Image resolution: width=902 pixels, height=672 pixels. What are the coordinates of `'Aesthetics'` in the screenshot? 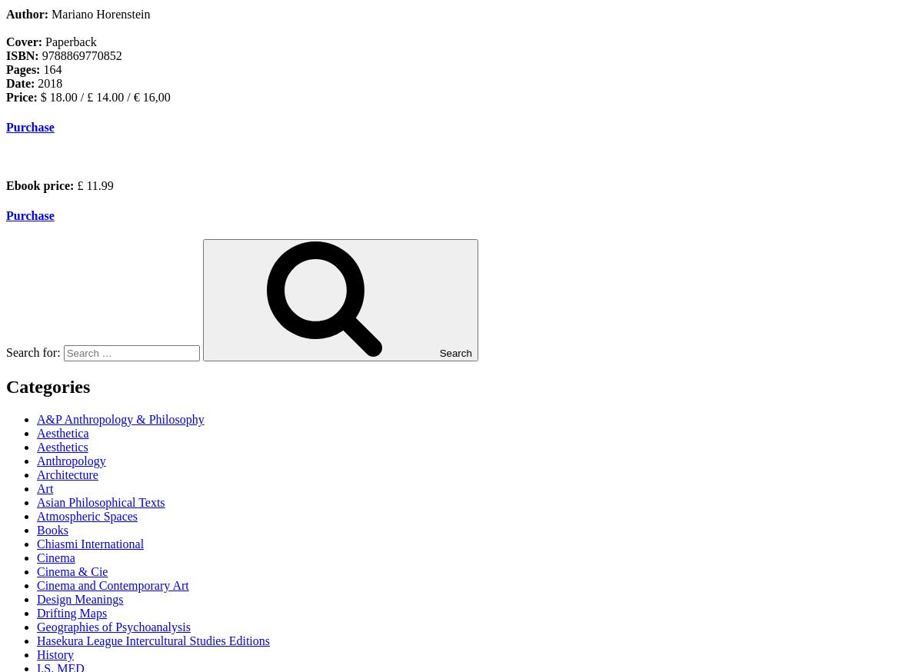 It's located at (62, 446).